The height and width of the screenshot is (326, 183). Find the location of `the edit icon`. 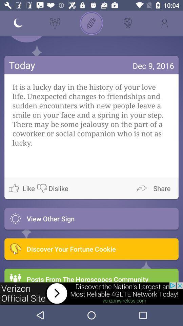

the edit icon is located at coordinates (91, 23).